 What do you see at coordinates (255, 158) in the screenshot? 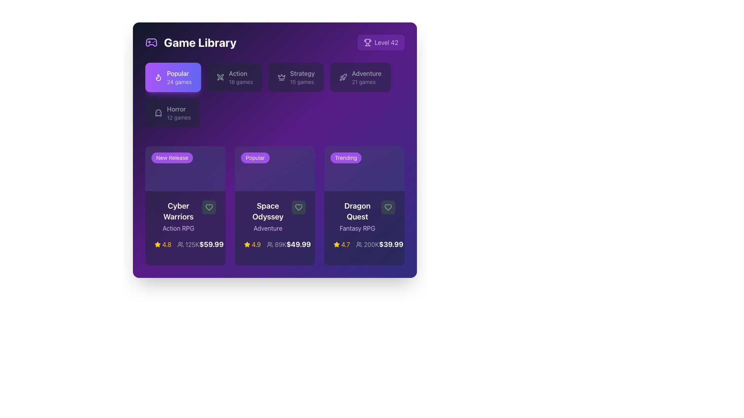
I see `the 'Popular' label located at the top-left of the item card in the 'Game Library'` at bounding box center [255, 158].